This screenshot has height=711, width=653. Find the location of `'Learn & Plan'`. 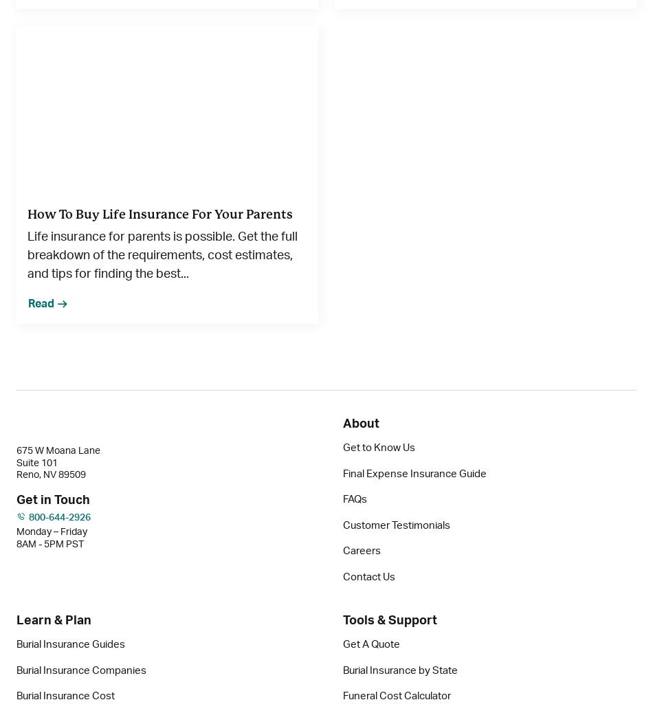

'Learn & Plan' is located at coordinates (16, 620).